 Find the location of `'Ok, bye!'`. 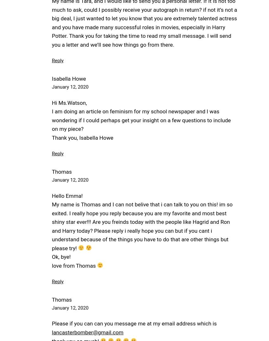

'Ok, bye!' is located at coordinates (61, 257).